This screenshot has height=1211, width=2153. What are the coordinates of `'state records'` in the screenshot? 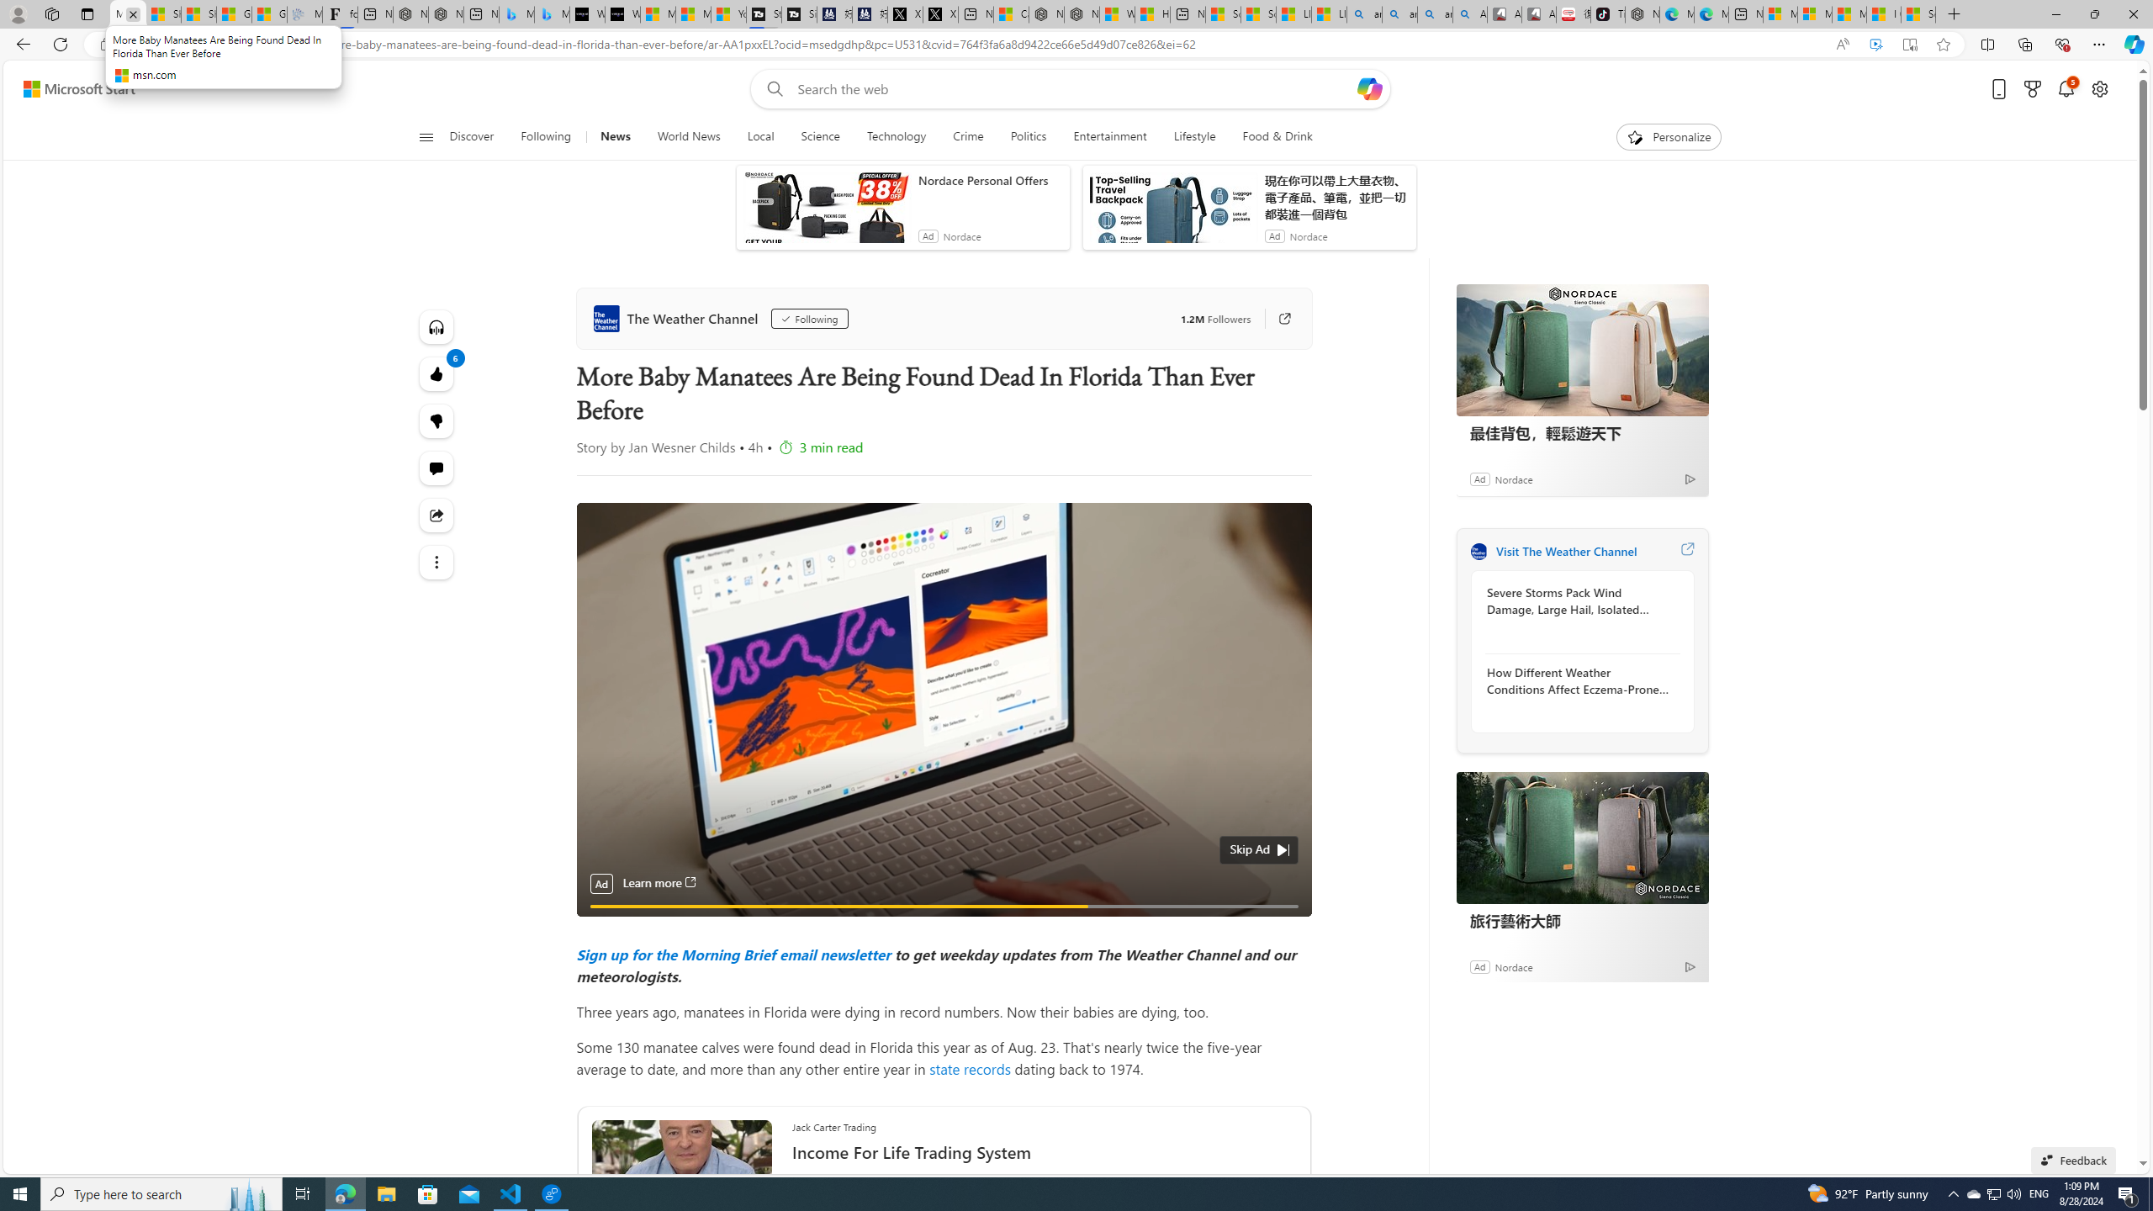 It's located at (970, 1067).